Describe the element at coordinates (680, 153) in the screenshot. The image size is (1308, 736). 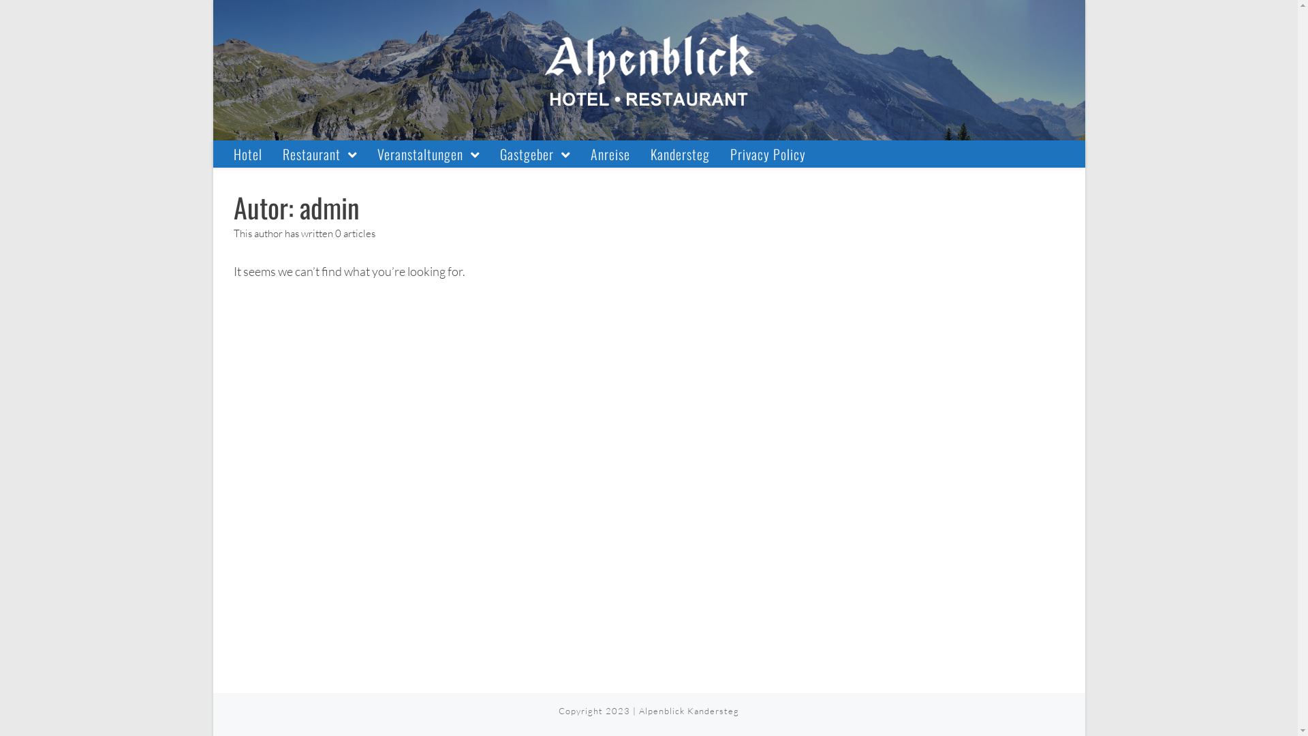
I see `'Kandersteg'` at that location.